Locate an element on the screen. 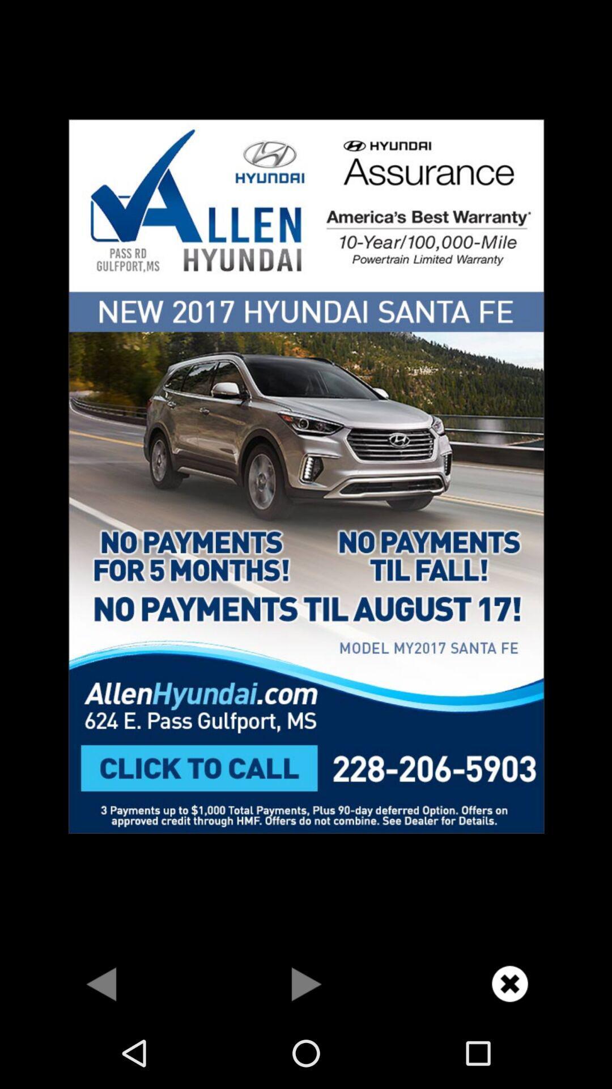 The image size is (612, 1089). the arrow_backward icon is located at coordinates (102, 1052).